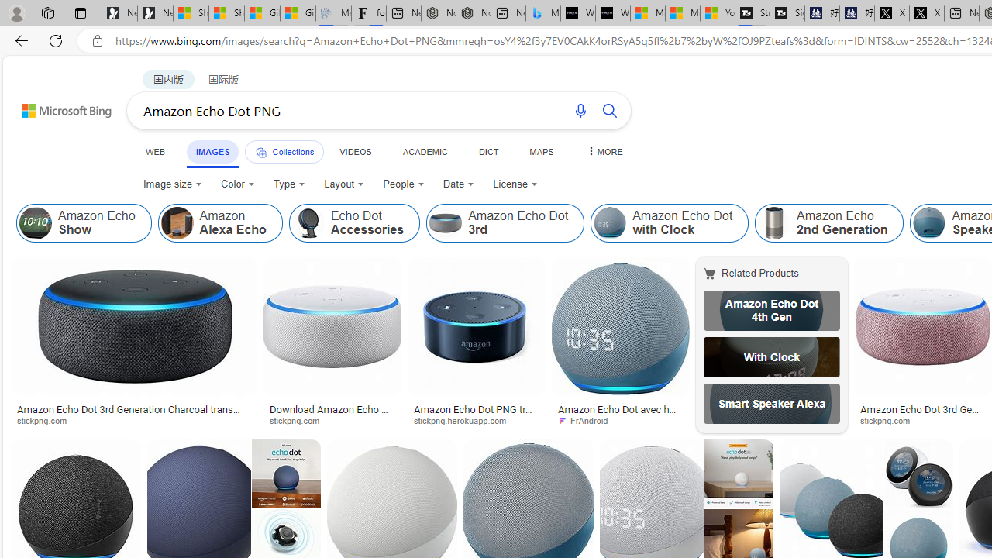 This screenshot has width=992, height=558. Describe the element at coordinates (458, 183) in the screenshot. I see `'Date'` at that location.